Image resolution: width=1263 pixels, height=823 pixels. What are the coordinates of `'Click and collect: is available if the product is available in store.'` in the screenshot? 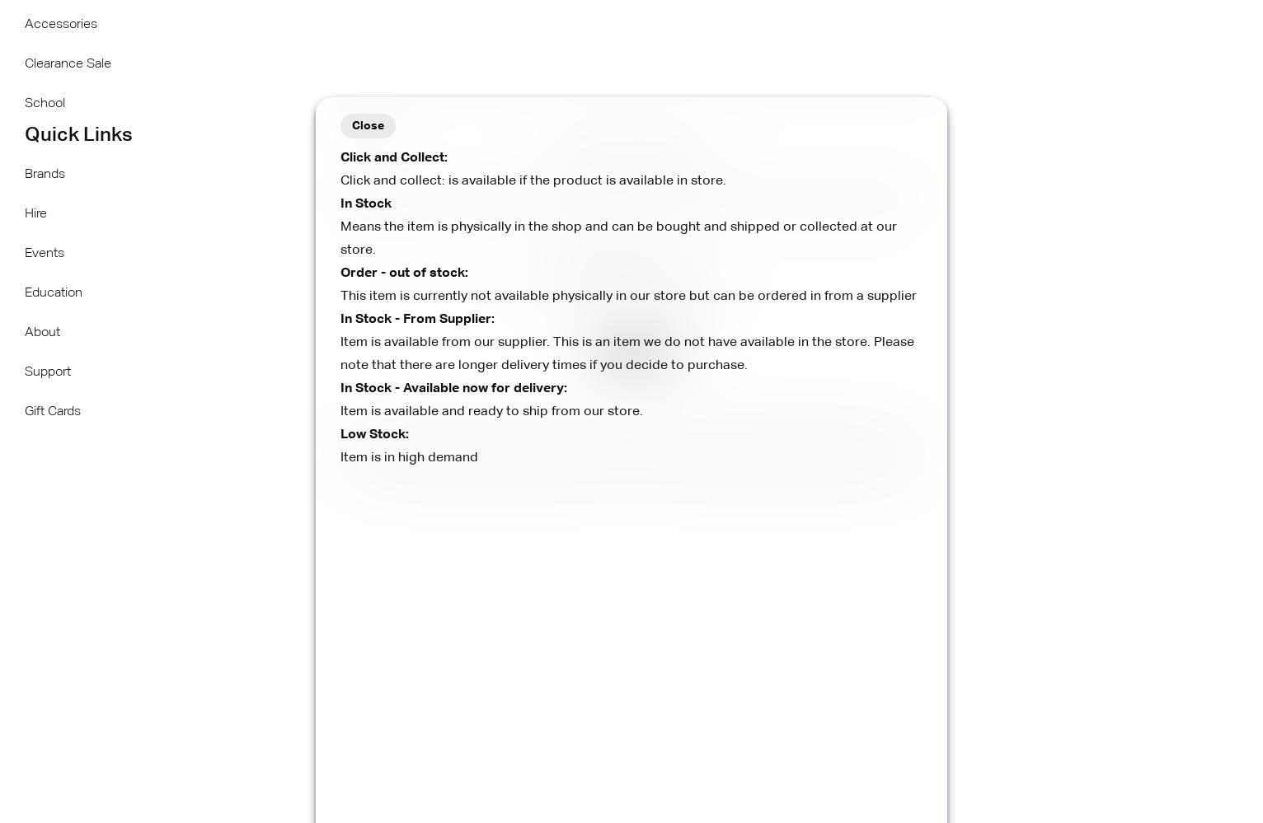 It's located at (533, 180).